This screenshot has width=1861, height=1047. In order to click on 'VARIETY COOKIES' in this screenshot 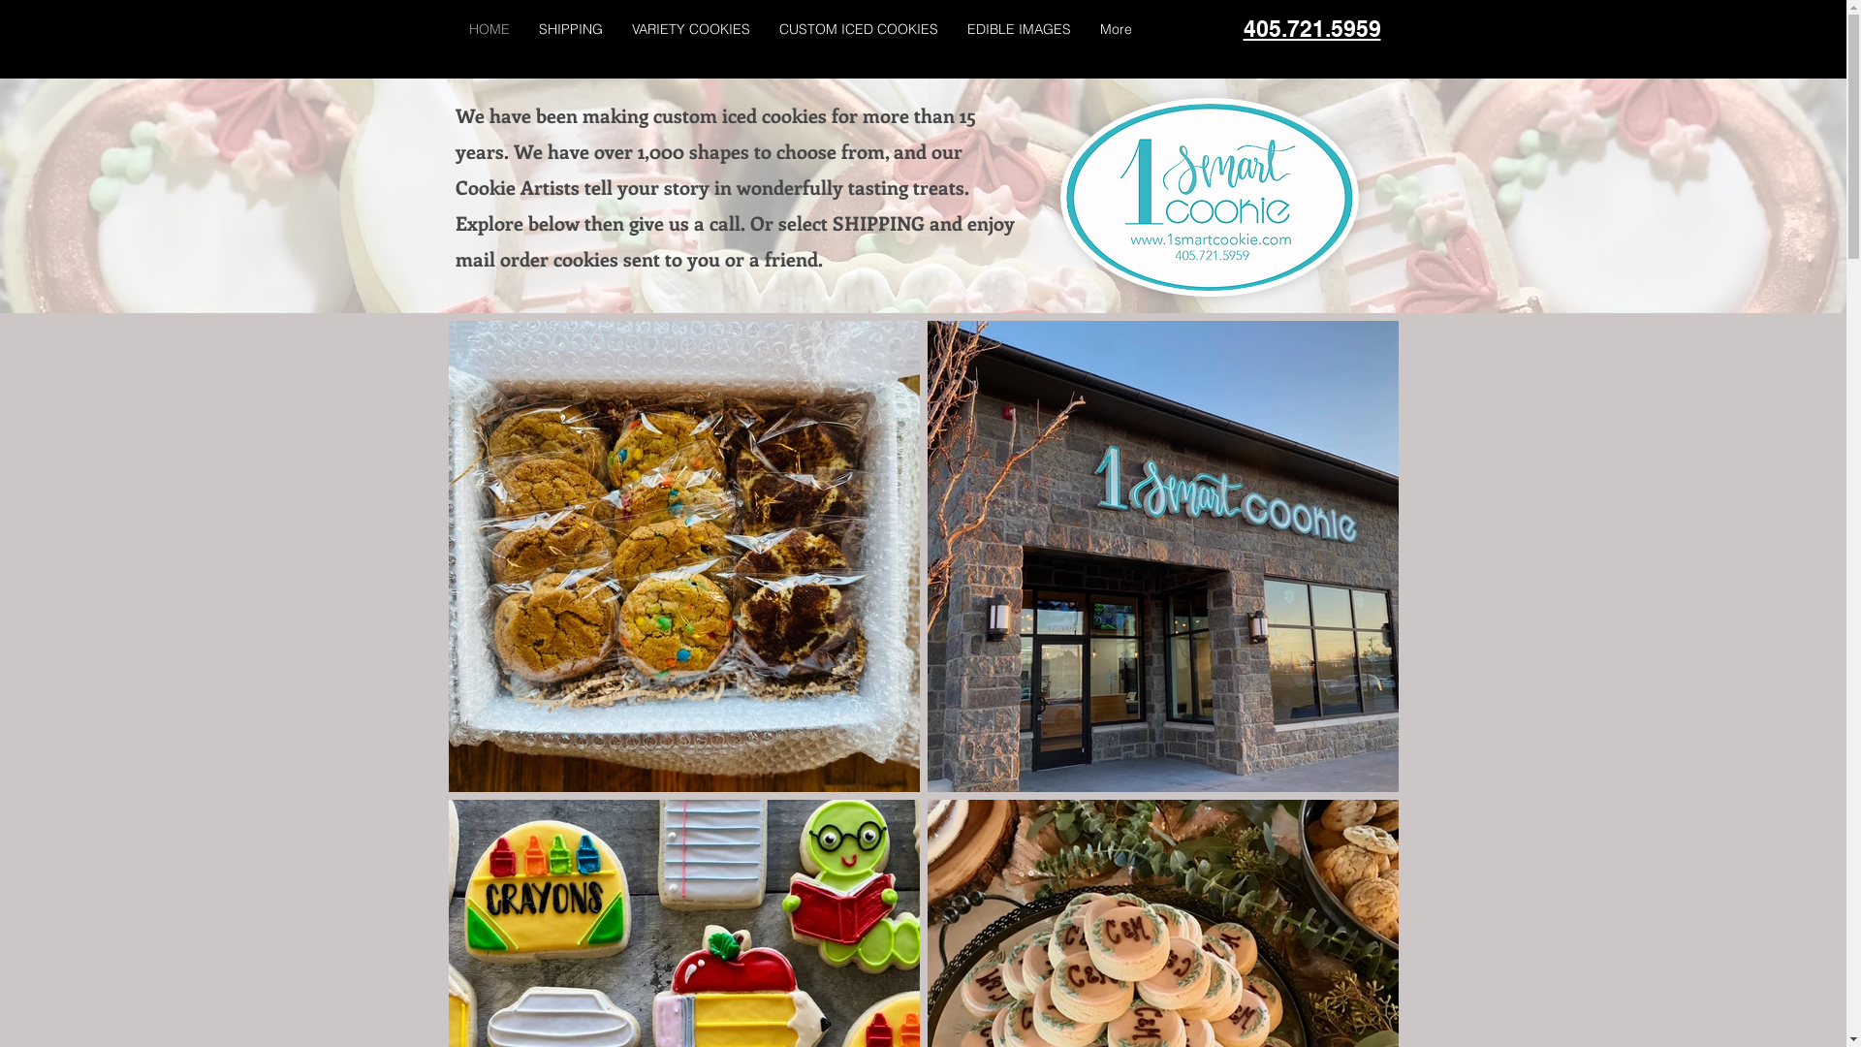, I will do `click(689, 29)`.